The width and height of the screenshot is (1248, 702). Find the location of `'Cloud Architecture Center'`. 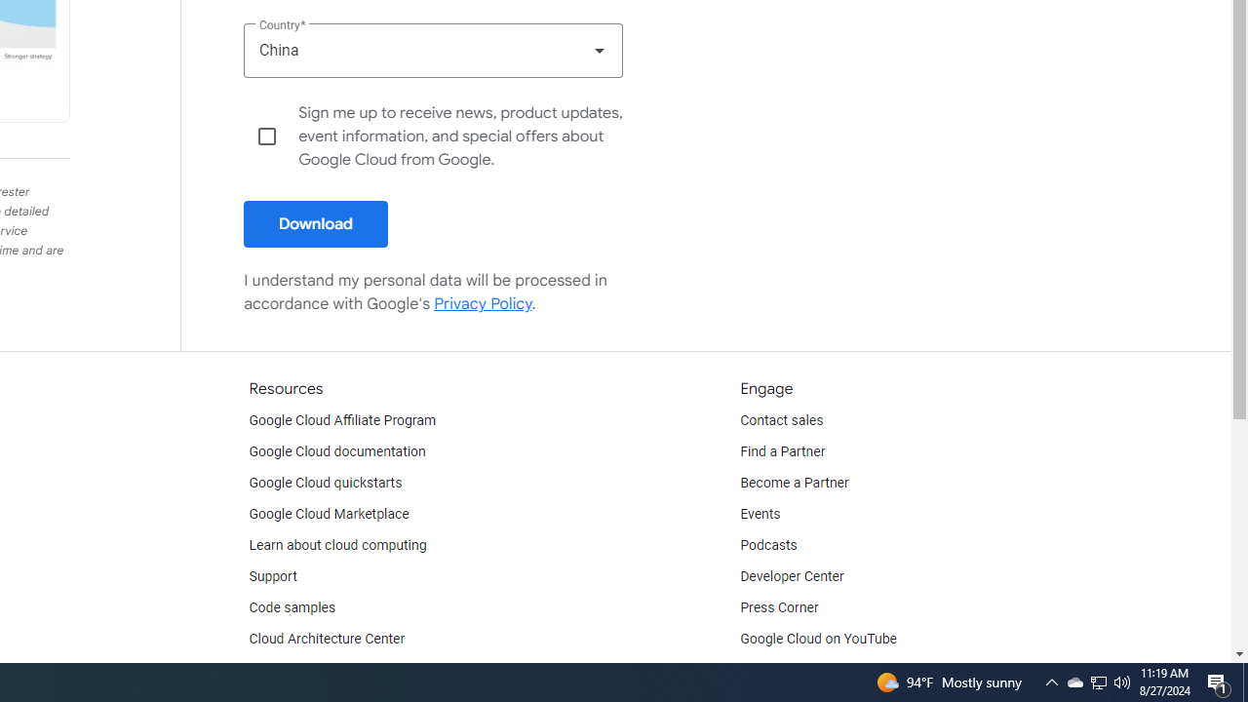

'Cloud Architecture Center' is located at coordinates (327, 639).